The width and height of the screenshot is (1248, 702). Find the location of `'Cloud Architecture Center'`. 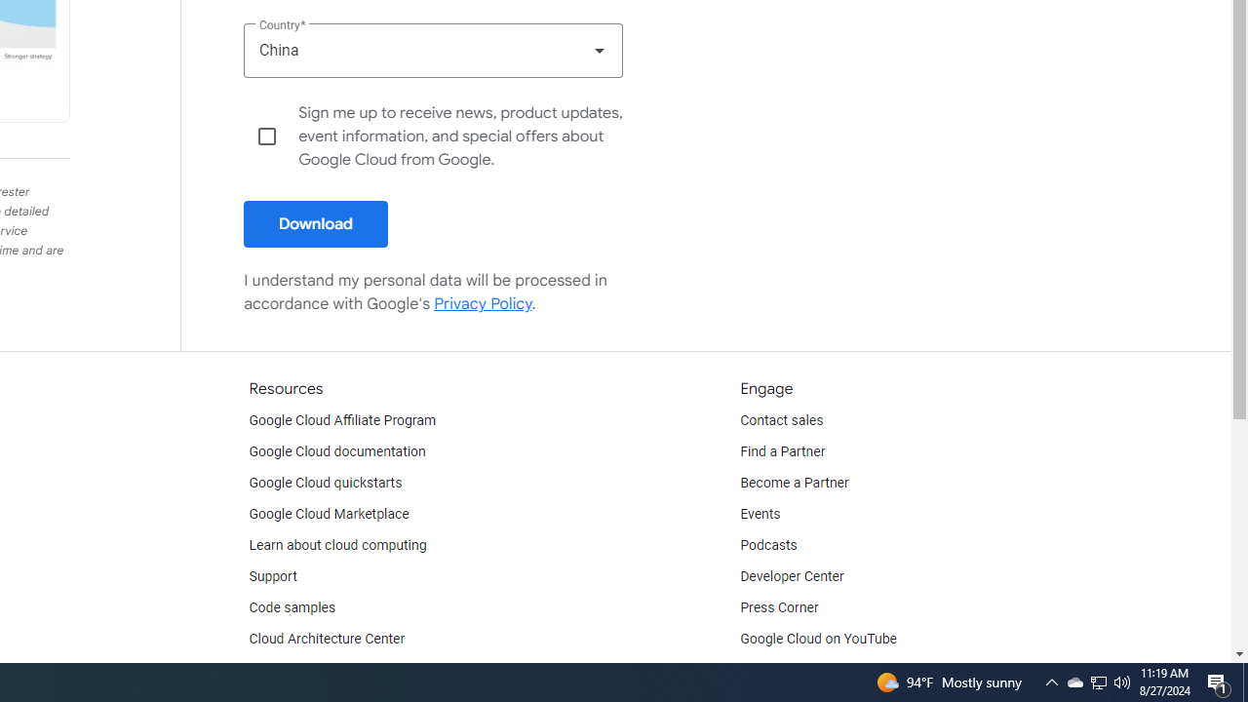

'Cloud Architecture Center' is located at coordinates (327, 639).